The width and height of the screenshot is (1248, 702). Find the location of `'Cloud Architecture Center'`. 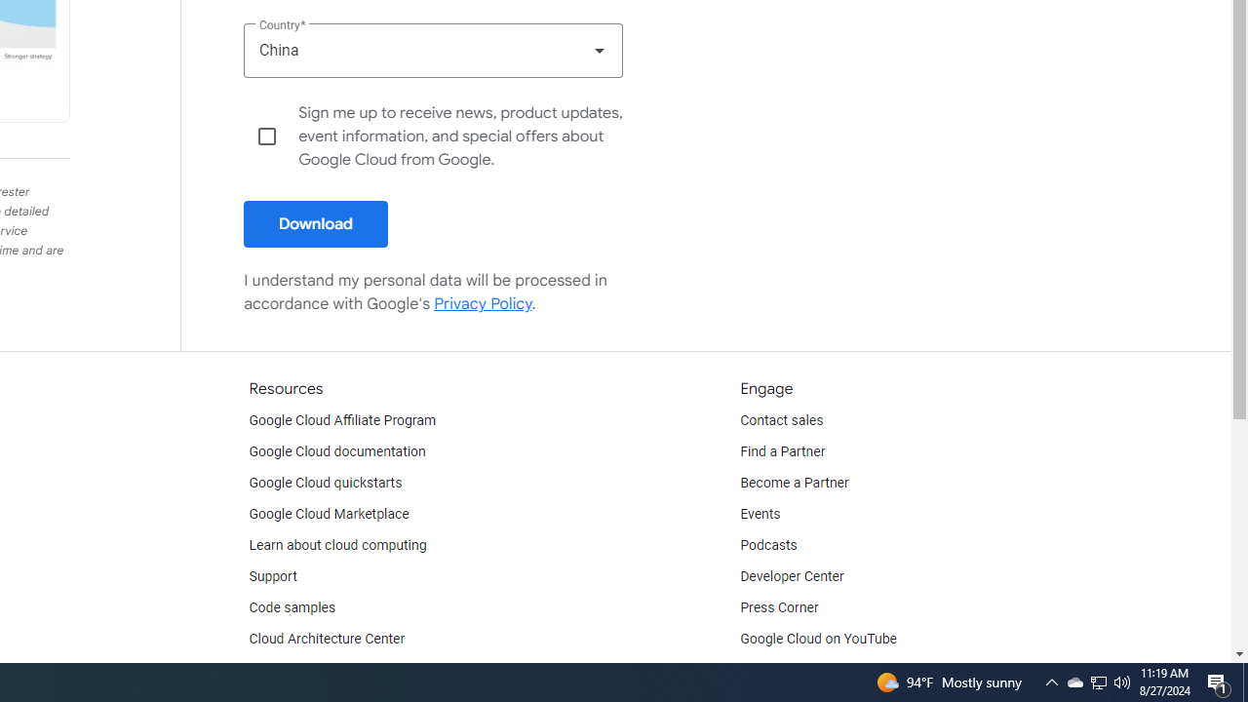

'Cloud Architecture Center' is located at coordinates (327, 639).